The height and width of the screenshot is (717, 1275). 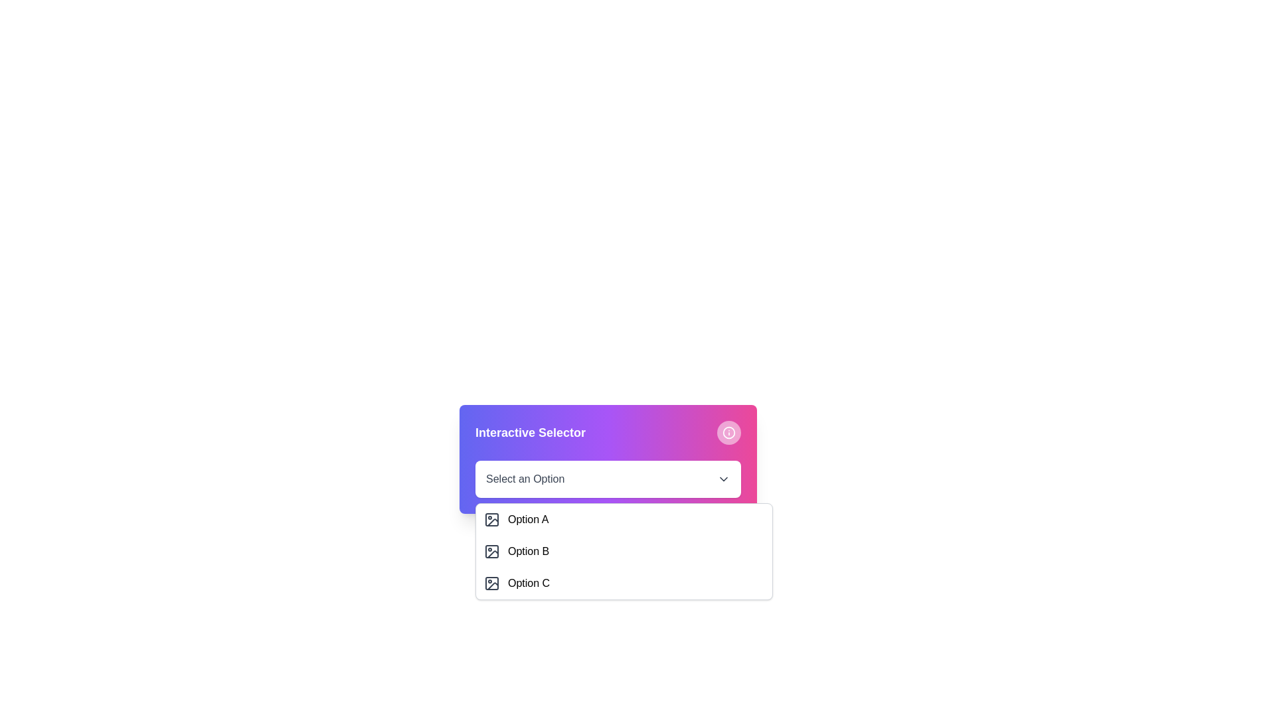 I want to click on the Graphic SVG icon resembling an angled mark with curved edges, which is the last option labeled 'Option C', so click(x=492, y=586).